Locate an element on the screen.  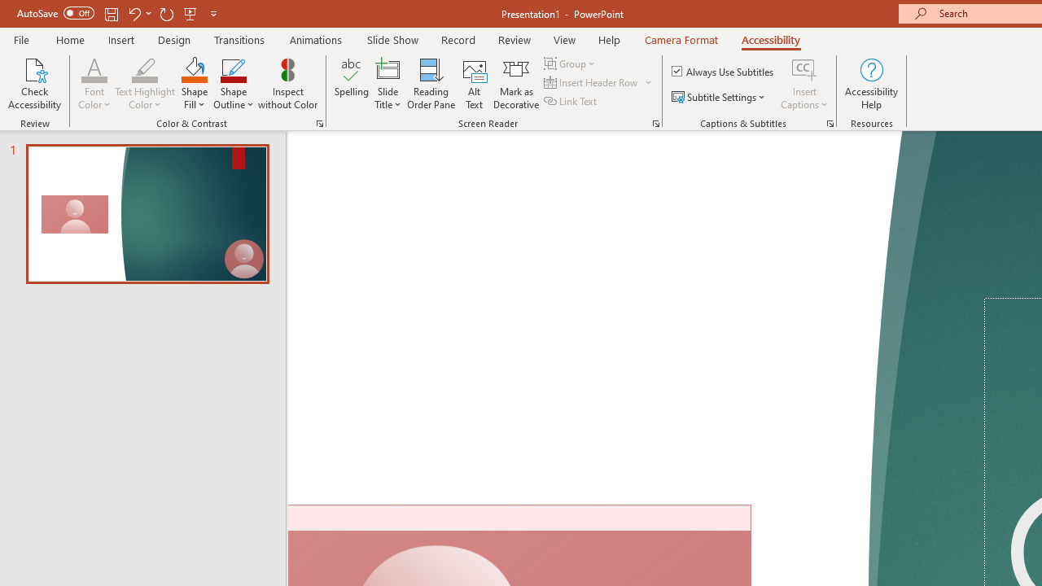
'Link Text' is located at coordinates (571, 101).